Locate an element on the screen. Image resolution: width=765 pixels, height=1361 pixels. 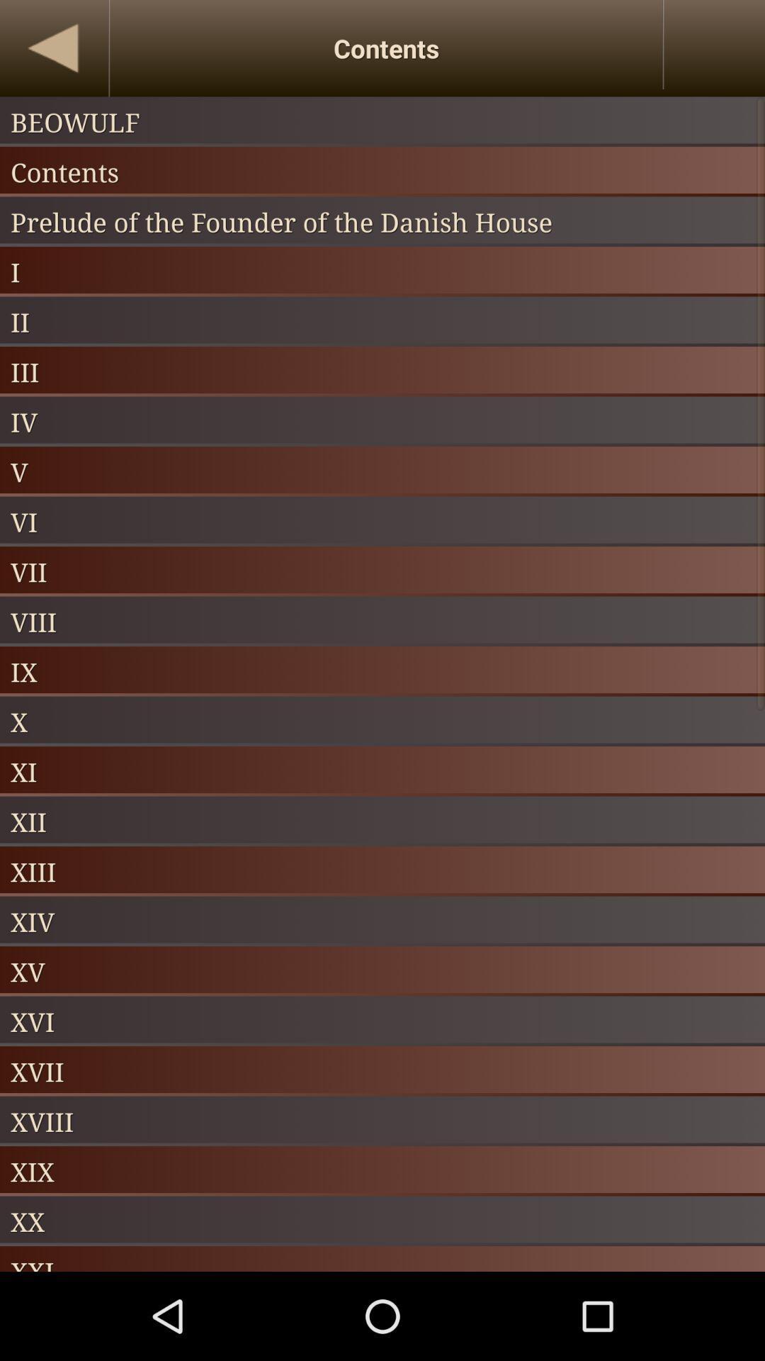
xiii app is located at coordinates (382, 870).